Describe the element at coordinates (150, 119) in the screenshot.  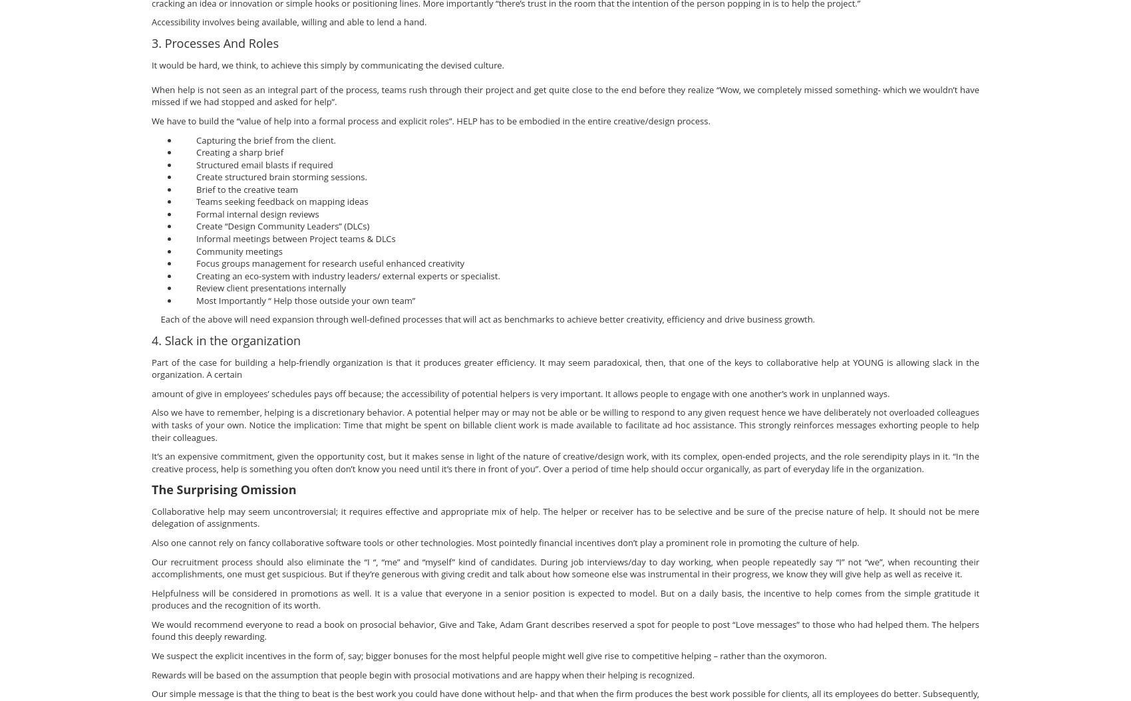
I see `'We have to build the “value of help into a formal process and explicit roles”. HELP has to be embodied in the entire creative/design process.'` at that location.